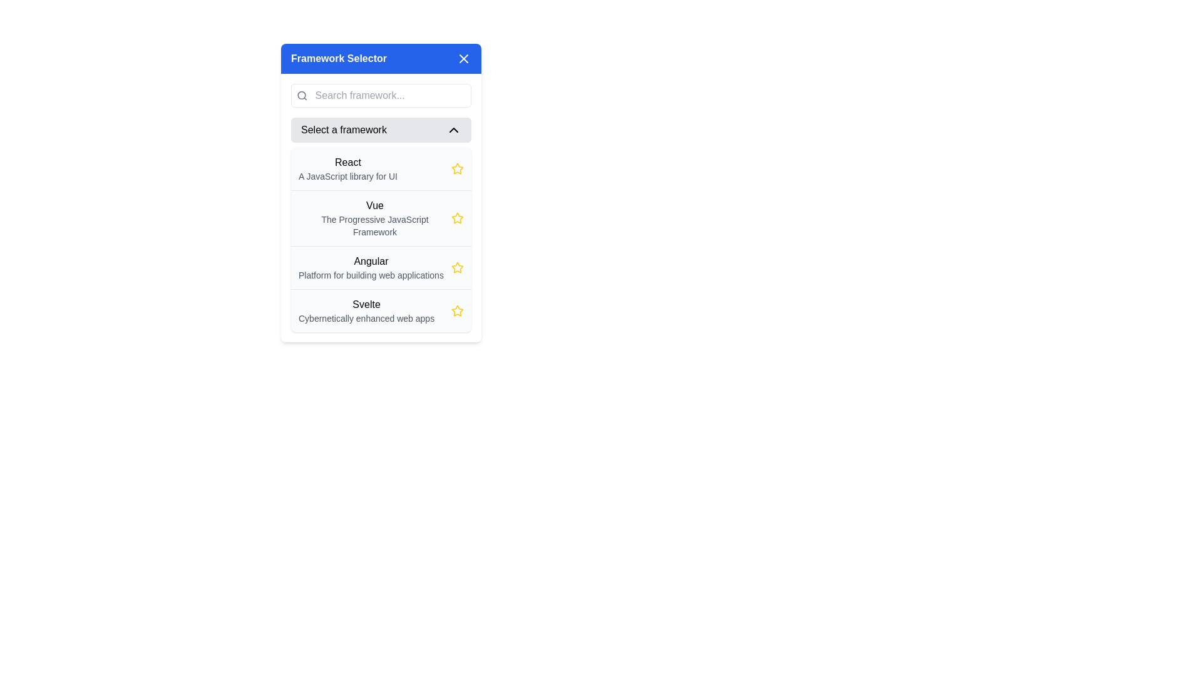 The image size is (1202, 676). What do you see at coordinates (456, 217) in the screenshot?
I see `the five-pointed star icon with a yellow fill color located on the right side of the 'Vue' option in the framework selection list to favorite the associated framework` at bounding box center [456, 217].